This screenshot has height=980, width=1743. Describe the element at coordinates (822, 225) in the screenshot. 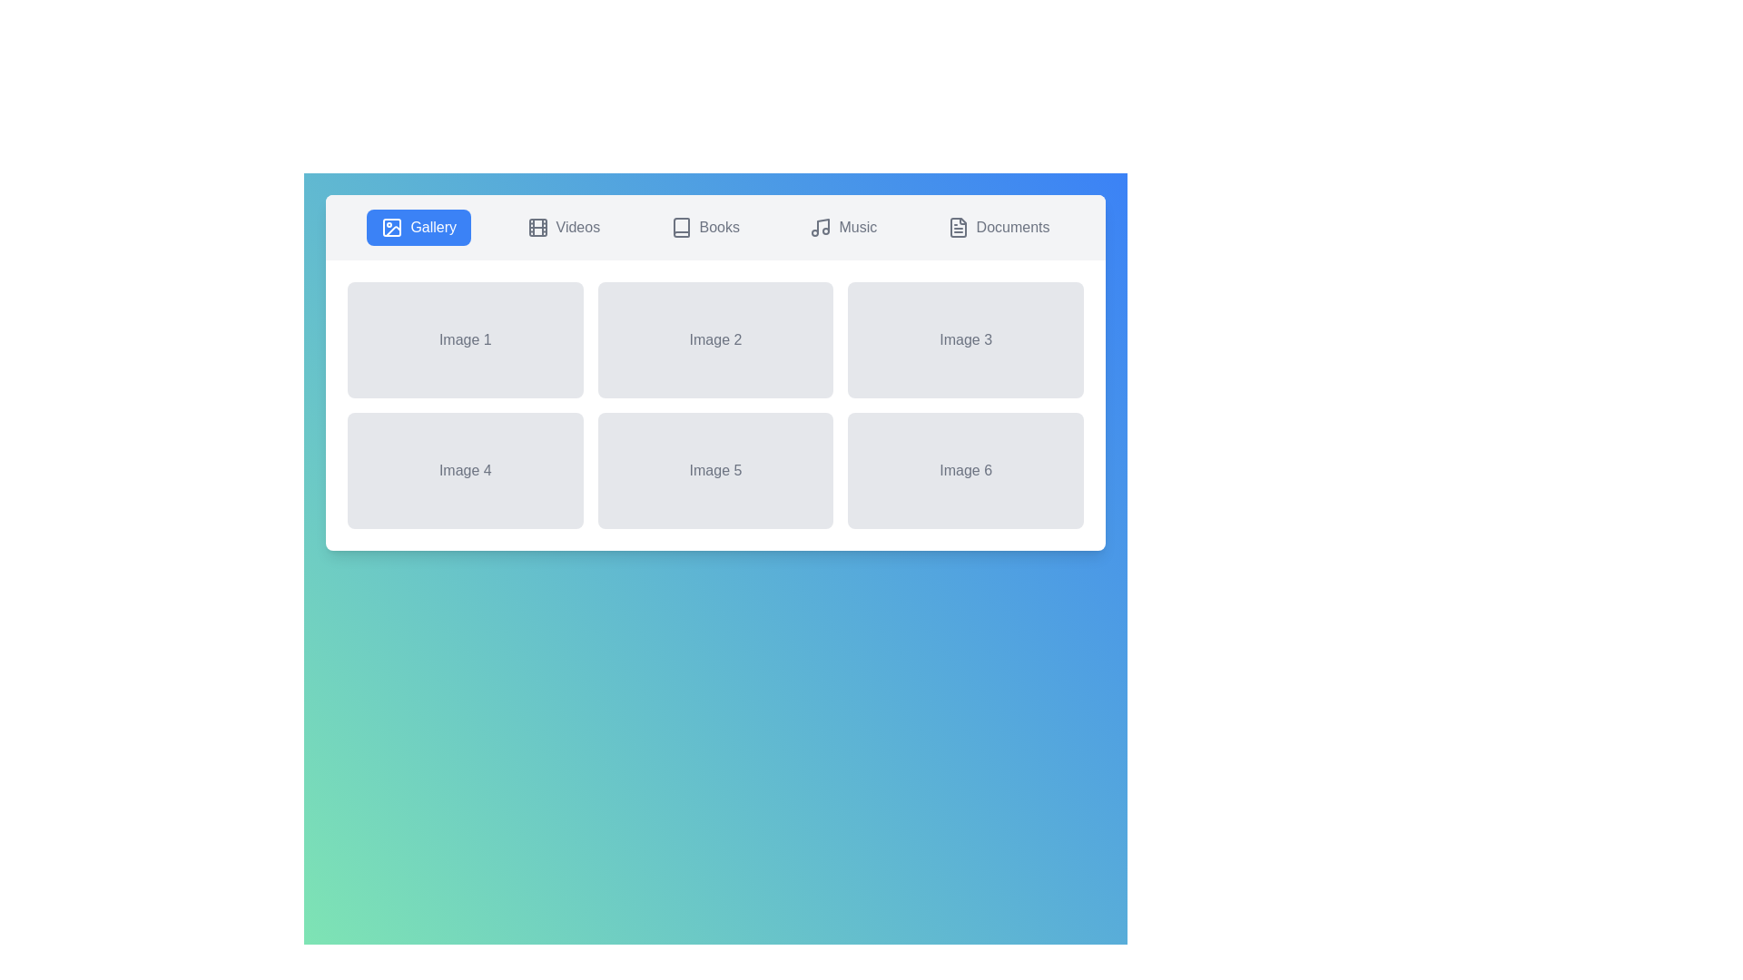

I see `the vertical line within the Music icon in the top navigation bar, which is the first of three components forming the icon` at that location.